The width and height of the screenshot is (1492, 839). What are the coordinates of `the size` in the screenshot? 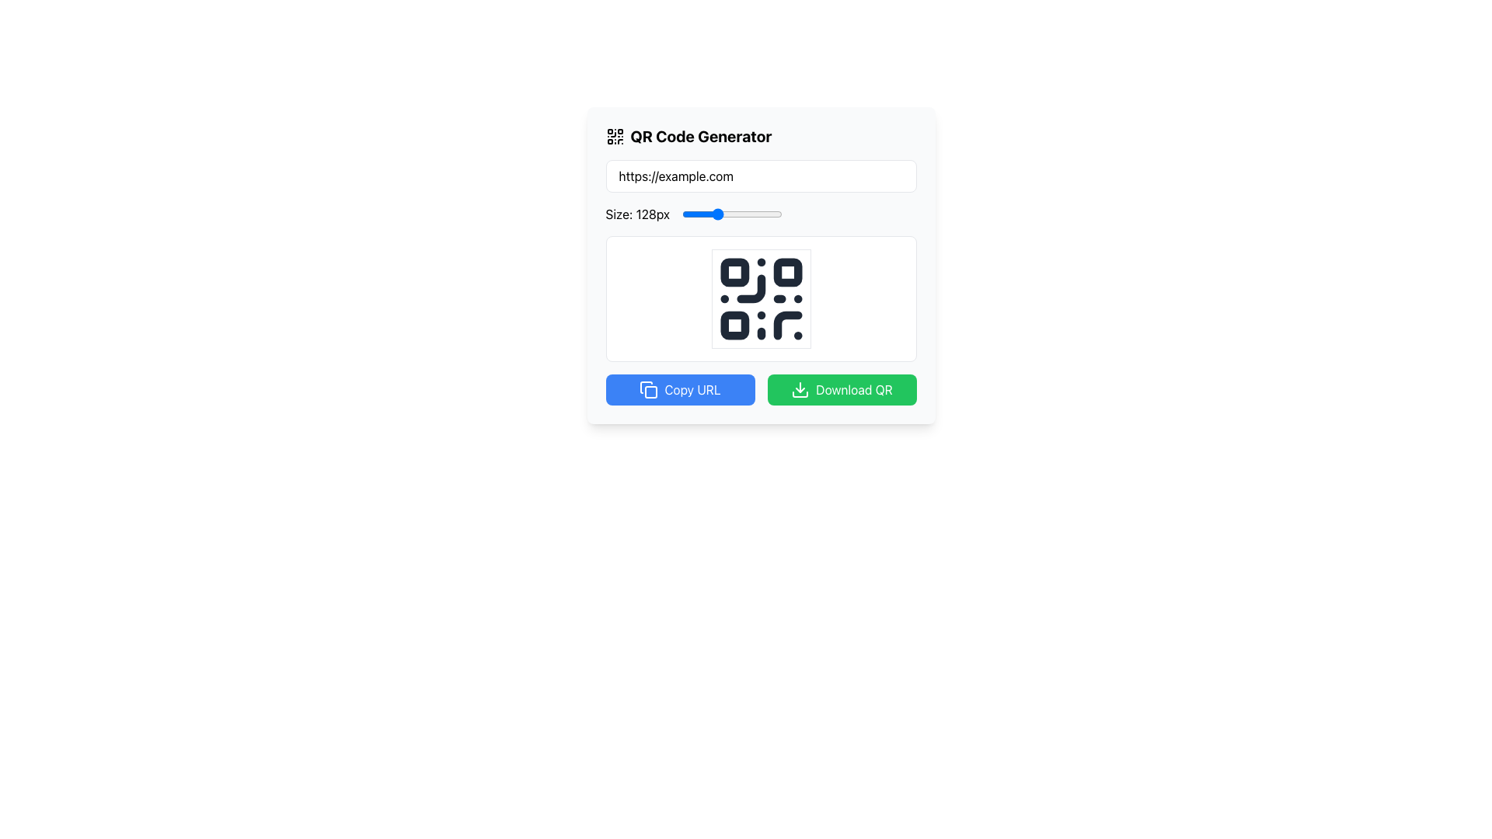 It's located at (750, 214).